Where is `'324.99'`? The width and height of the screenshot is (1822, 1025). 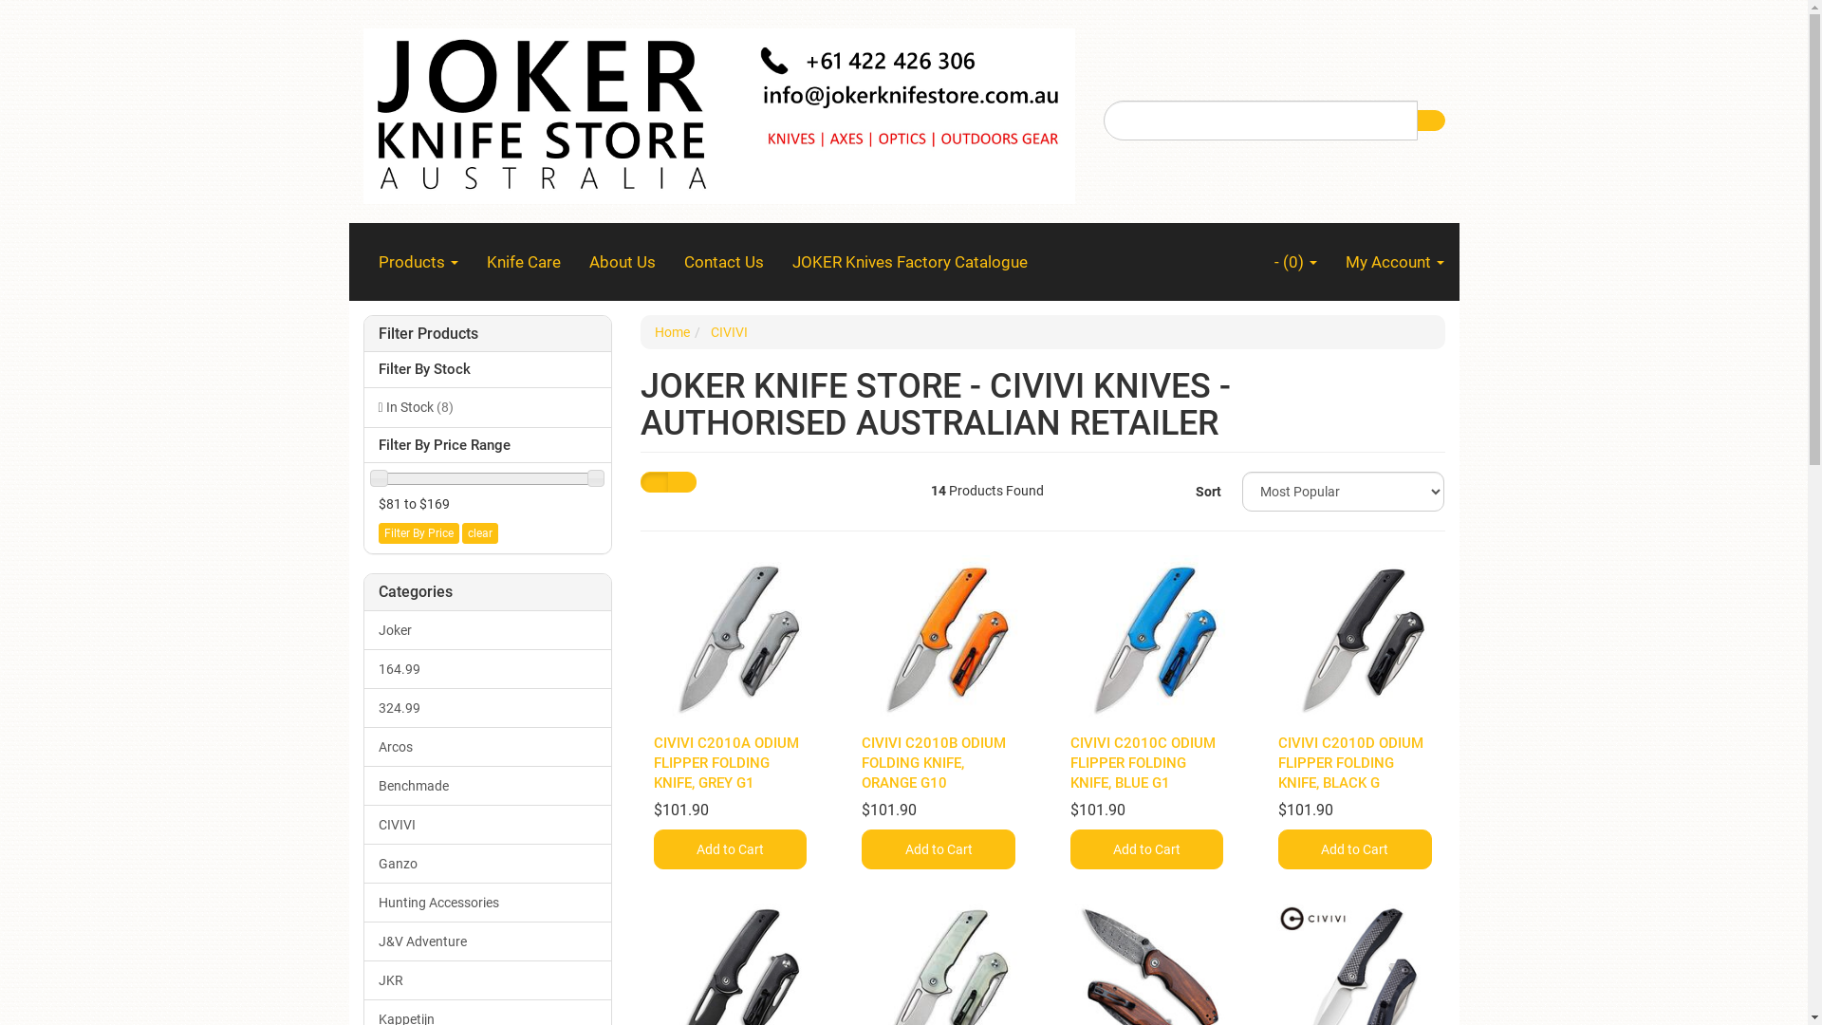 '324.99' is located at coordinates (488, 707).